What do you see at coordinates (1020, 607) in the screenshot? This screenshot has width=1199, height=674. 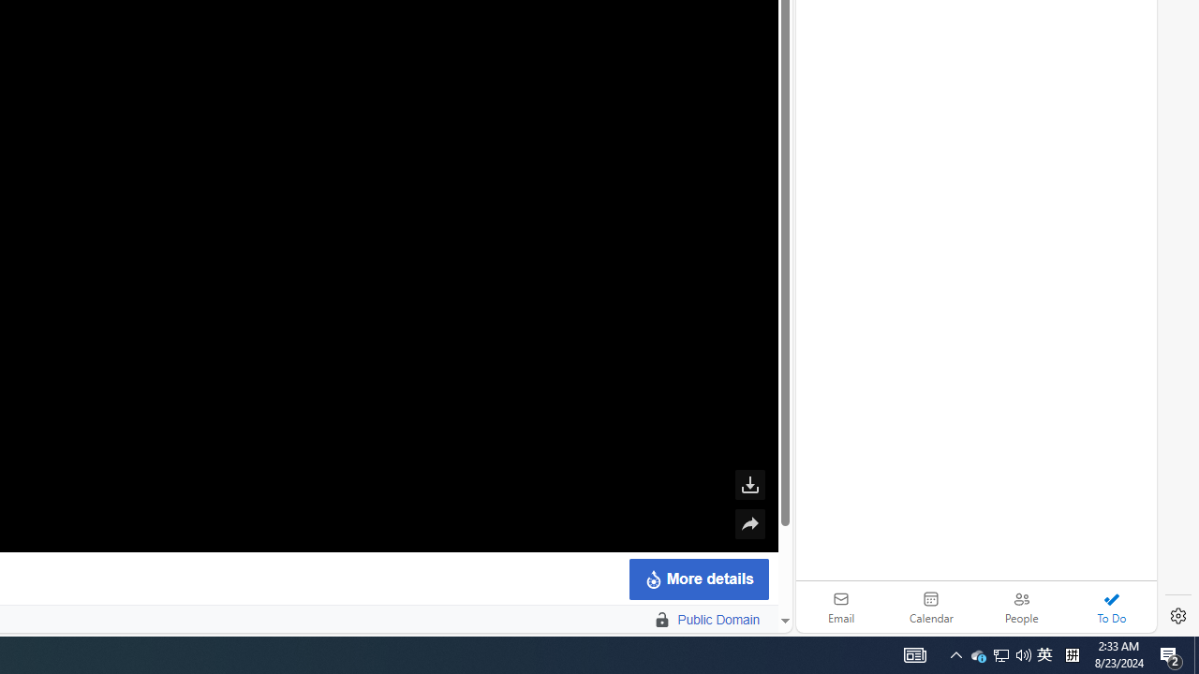 I see `'People'` at bounding box center [1020, 607].